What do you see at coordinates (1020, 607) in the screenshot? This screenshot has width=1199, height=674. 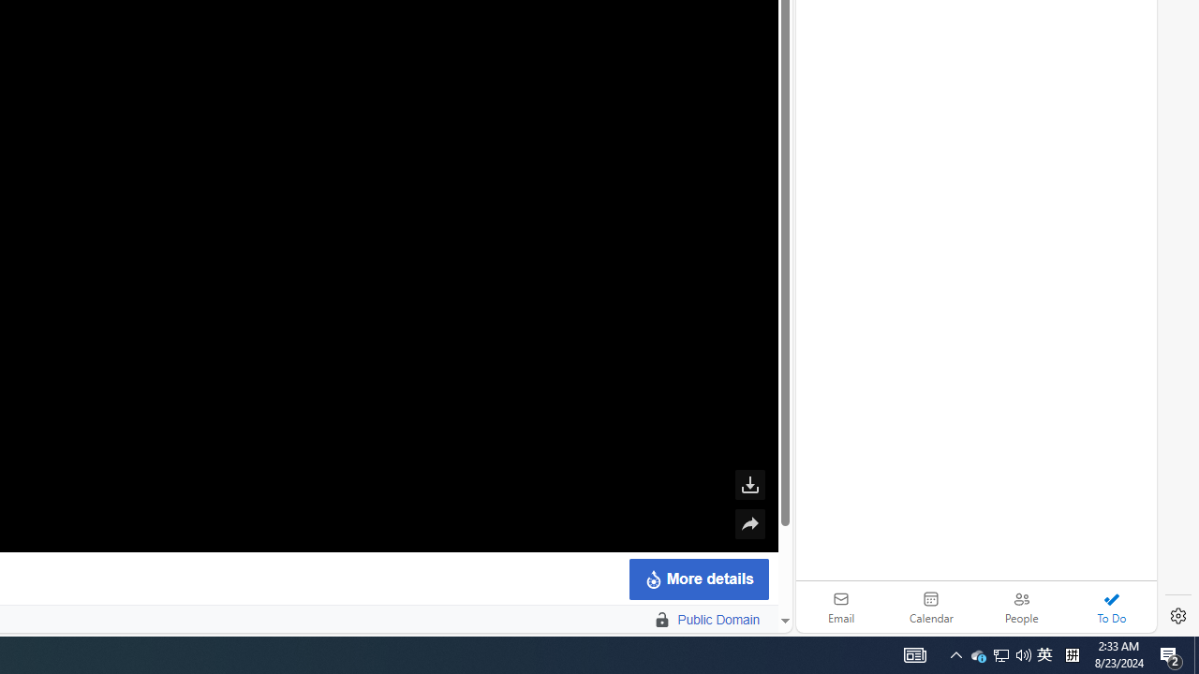 I see `'People'` at bounding box center [1020, 607].